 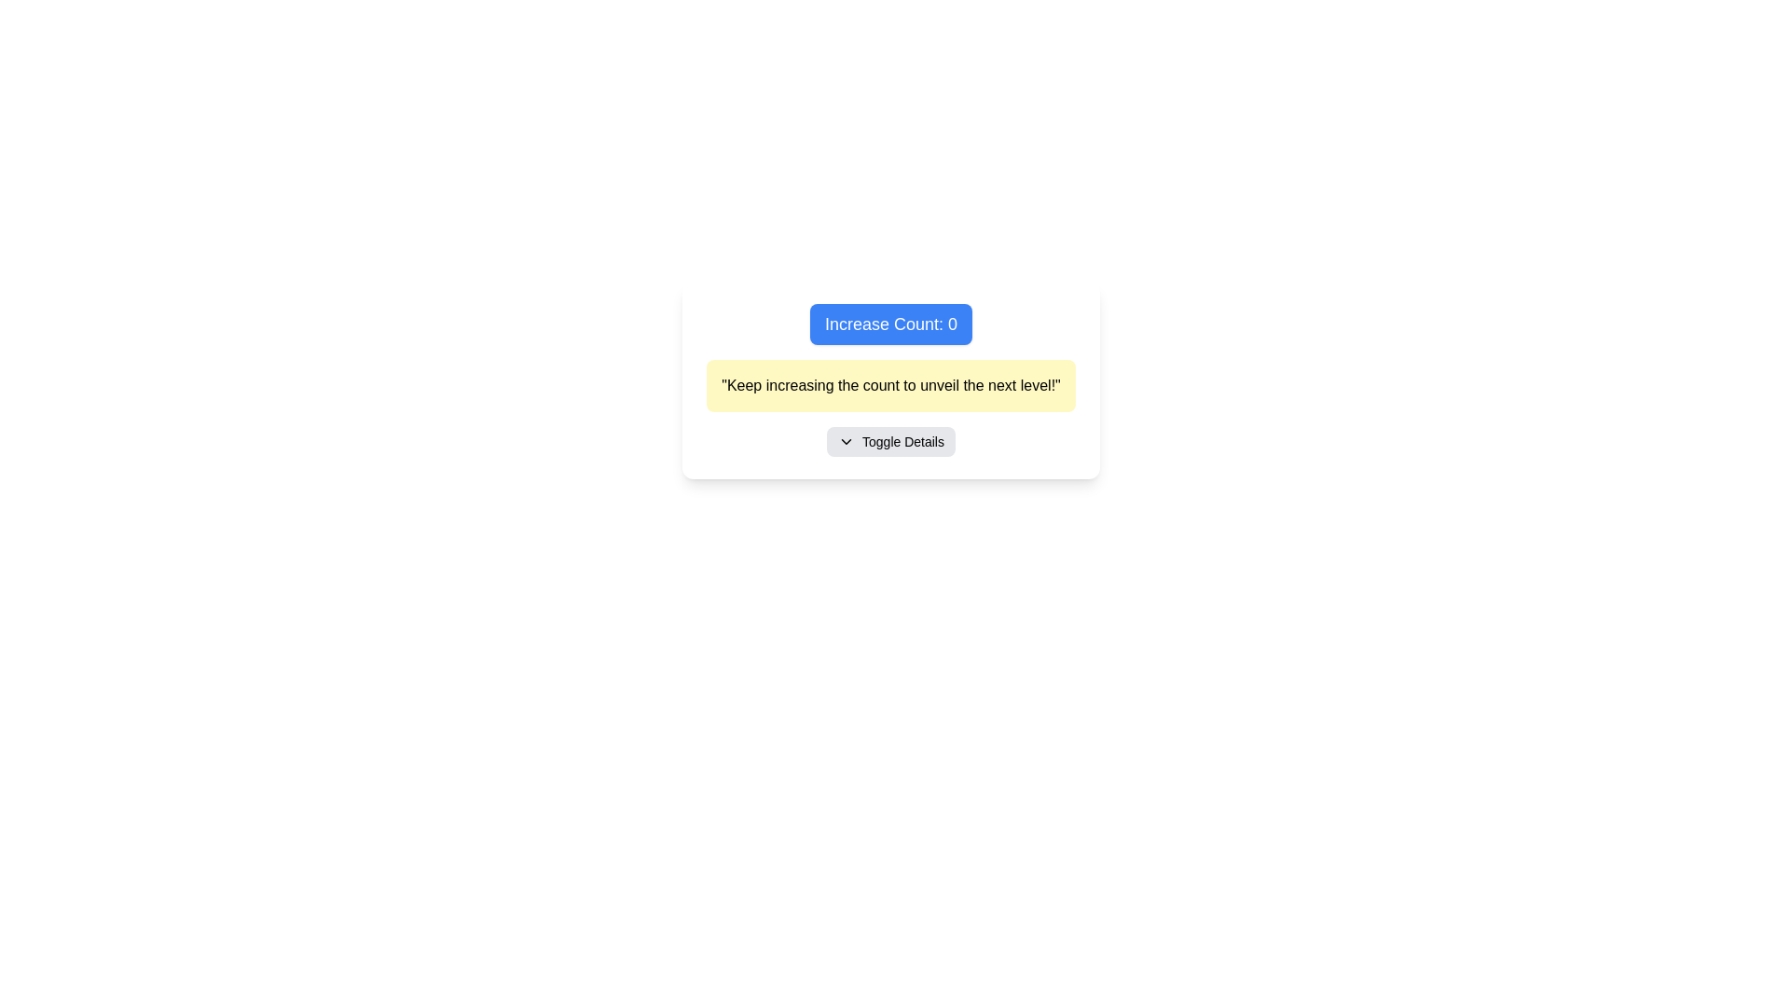 I want to click on the motivational message text block located between the 'Increase Count: 0' button and the 'Toggle Details' button, so click(x=889, y=384).